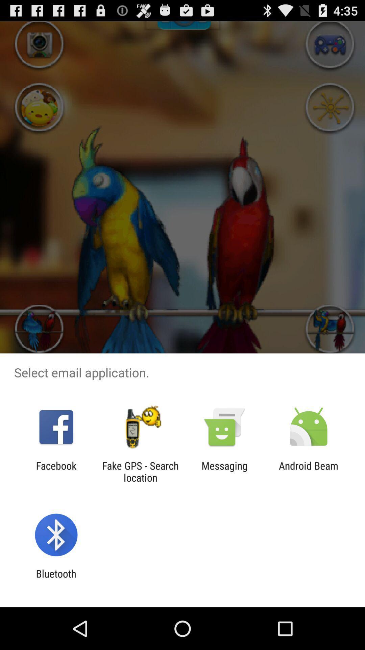 The width and height of the screenshot is (365, 650). Describe the element at coordinates (309, 471) in the screenshot. I see `the android beam icon` at that location.